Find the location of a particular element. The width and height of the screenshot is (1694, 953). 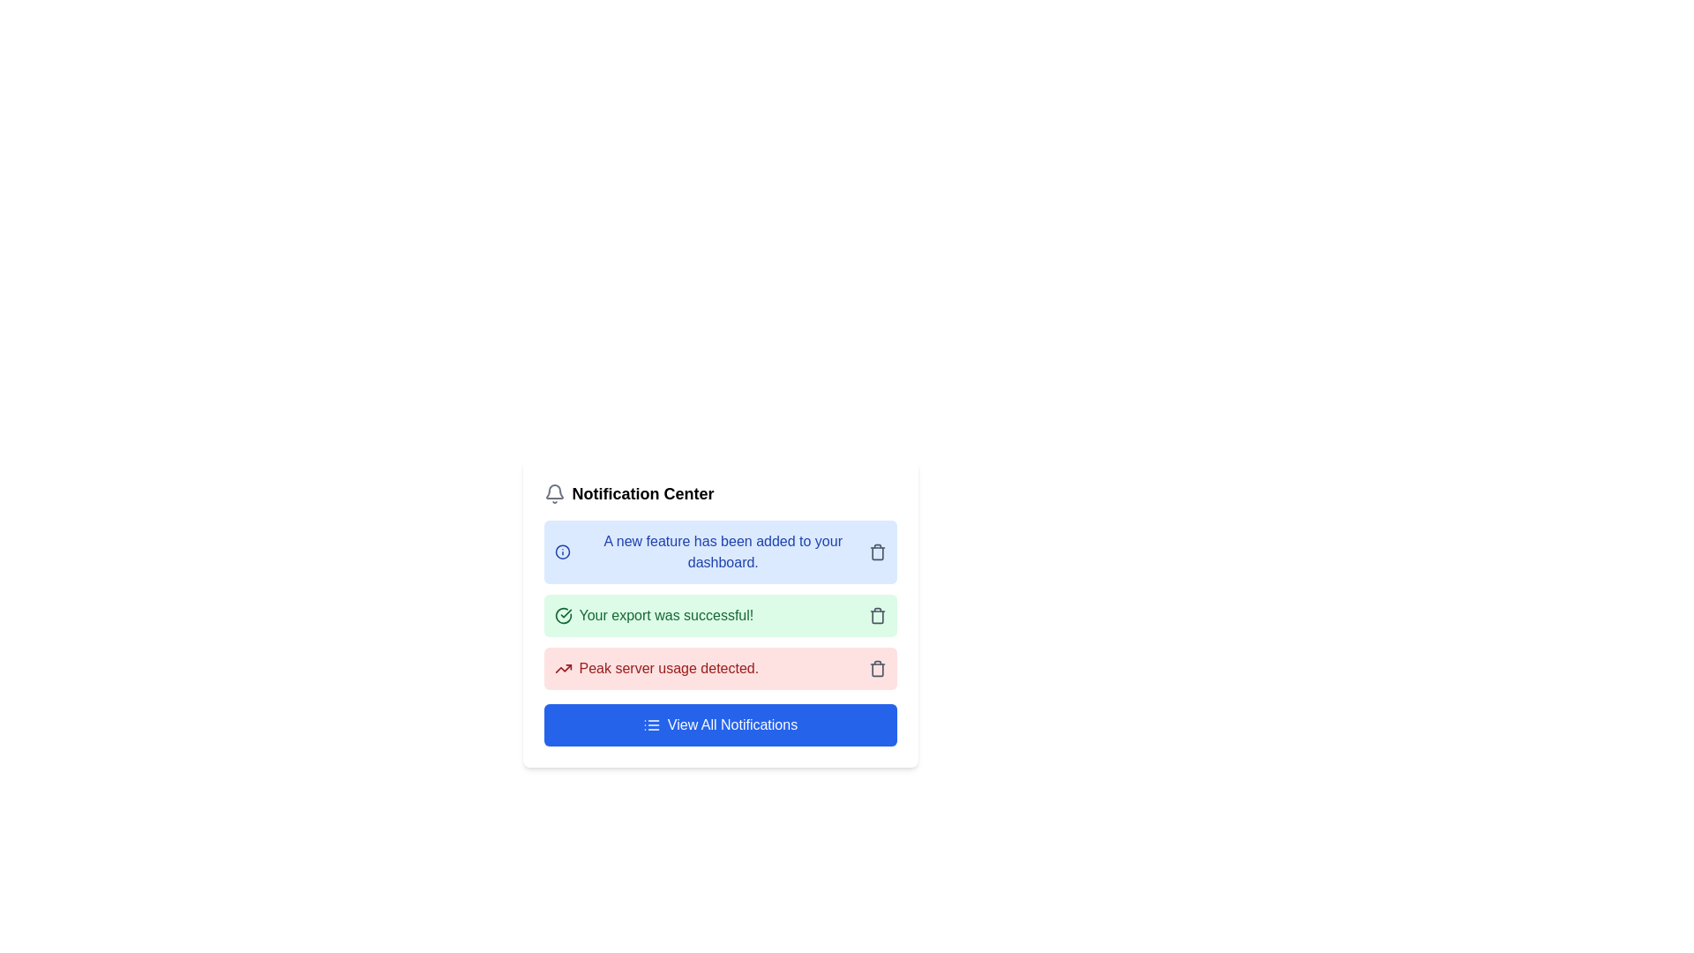

the visual representation of the list icon consisting of three horizontal lines, located on the left side of the 'View All Notifications' button within the notification panel is located at coordinates (650, 724).